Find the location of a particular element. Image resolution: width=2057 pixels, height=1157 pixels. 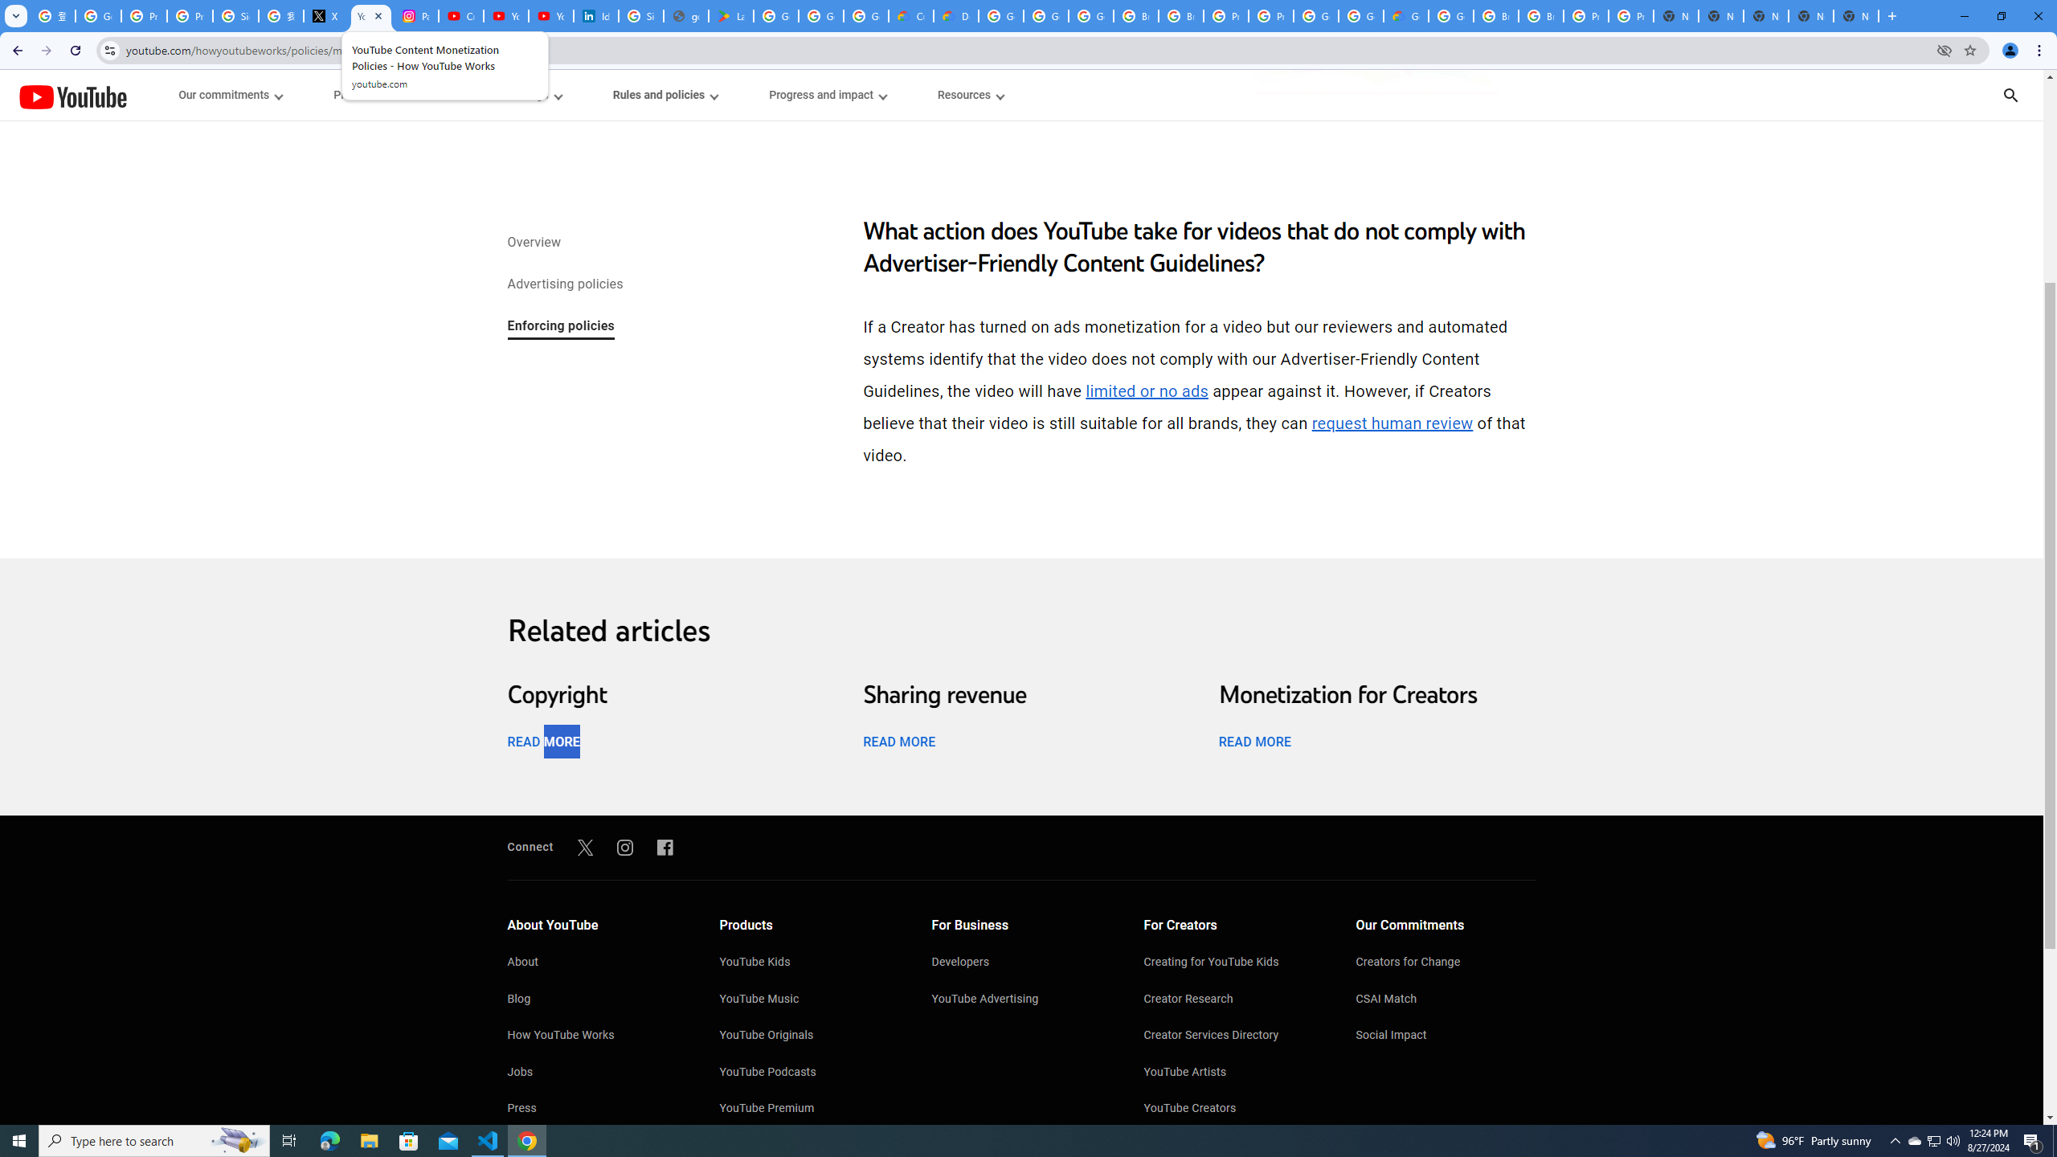

'Jobs' is located at coordinates (595, 1073).